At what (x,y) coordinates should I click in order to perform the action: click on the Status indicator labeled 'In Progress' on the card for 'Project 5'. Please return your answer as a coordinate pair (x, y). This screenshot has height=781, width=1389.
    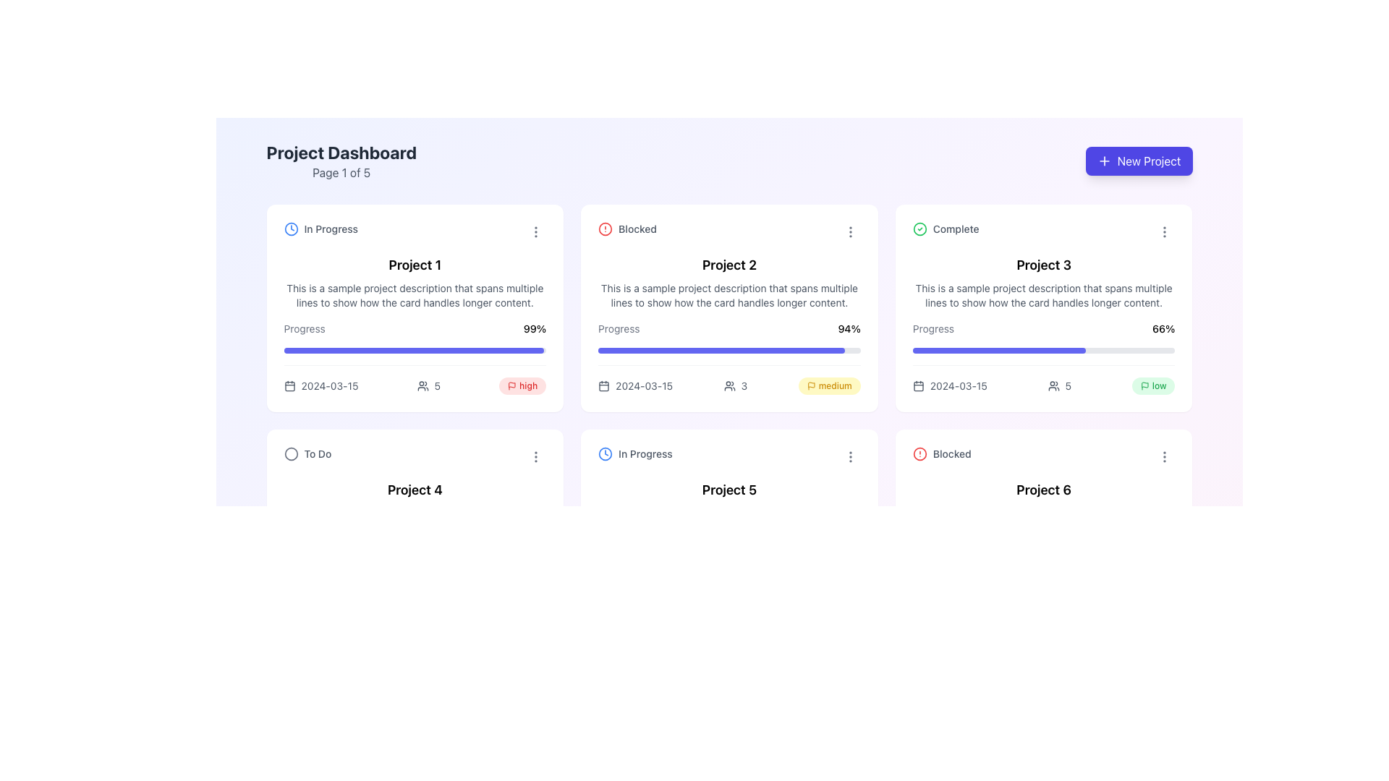
    Looking at the image, I should click on (729, 457).